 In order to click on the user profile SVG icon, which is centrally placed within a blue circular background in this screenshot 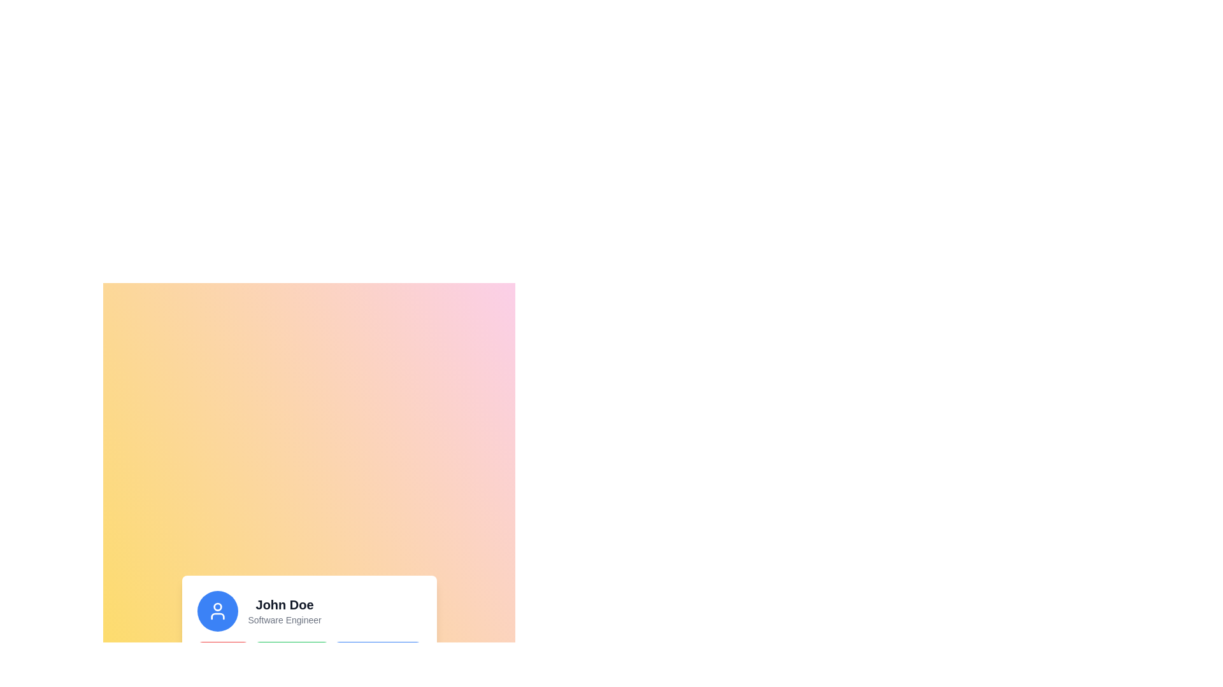, I will do `click(217, 610)`.